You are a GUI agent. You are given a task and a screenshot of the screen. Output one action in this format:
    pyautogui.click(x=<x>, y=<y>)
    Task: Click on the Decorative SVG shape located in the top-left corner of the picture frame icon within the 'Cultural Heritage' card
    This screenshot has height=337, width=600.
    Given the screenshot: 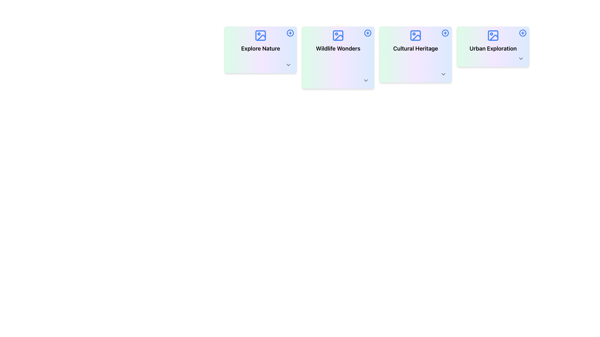 What is the action you would take?
    pyautogui.click(x=415, y=36)
    